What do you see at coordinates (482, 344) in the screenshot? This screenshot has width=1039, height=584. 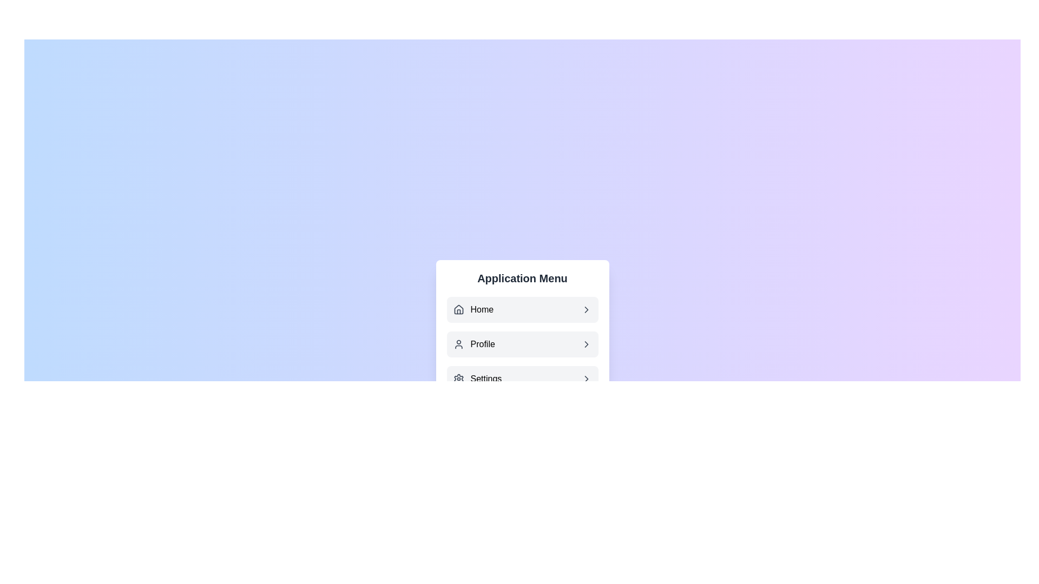 I see `'Profile' text label located in the navigation menu, styled with a sans-serif font and positioned to the right of a user profile icon` at bounding box center [482, 344].